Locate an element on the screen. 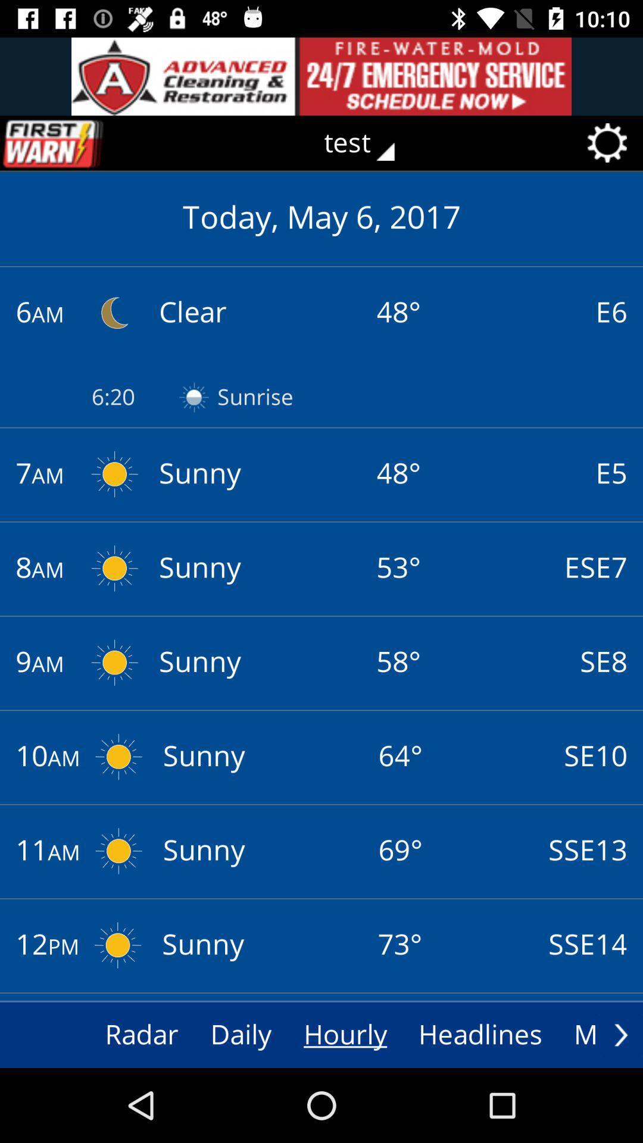 This screenshot has width=643, height=1143. the arrow_forward icon is located at coordinates (620, 1034).